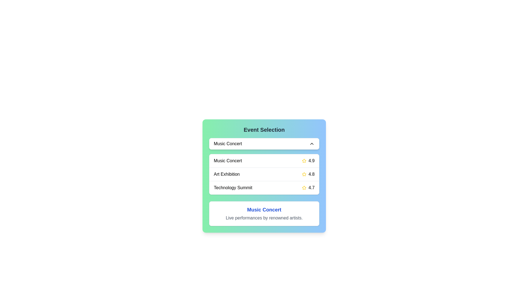  What do you see at coordinates (311, 187) in the screenshot?
I see `the Text Label displaying the rating '4.7', which is positioned adjacent to a yellow star icon in the 'Technology Summit' row` at bounding box center [311, 187].